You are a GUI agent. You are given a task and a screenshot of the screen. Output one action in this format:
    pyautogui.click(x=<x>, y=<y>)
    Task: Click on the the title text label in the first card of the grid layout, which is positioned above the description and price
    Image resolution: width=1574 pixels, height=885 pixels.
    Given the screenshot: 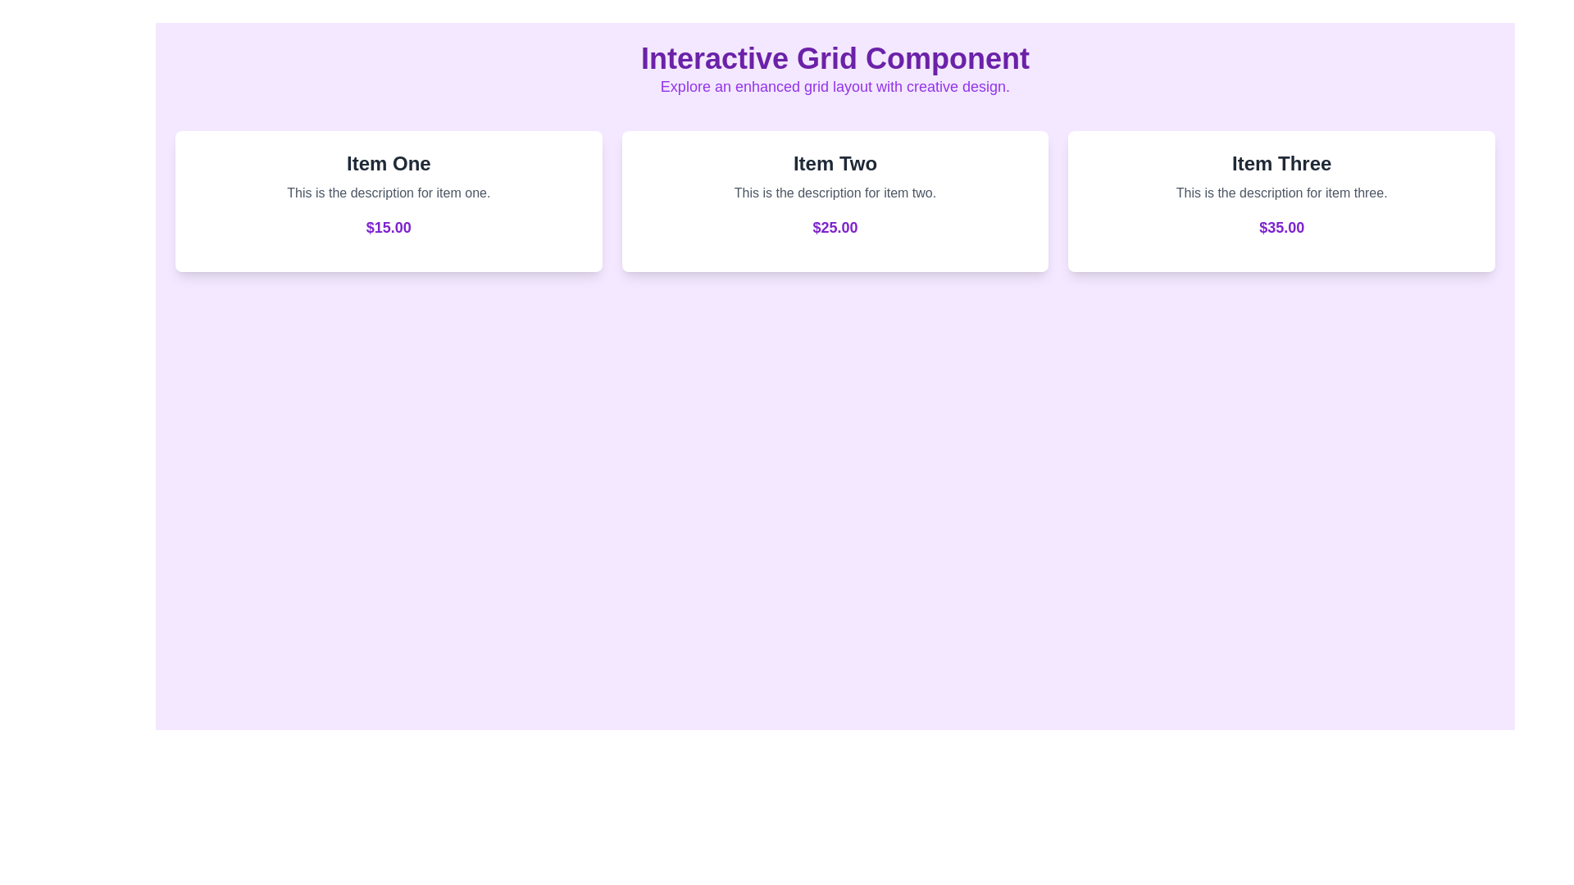 What is the action you would take?
    pyautogui.click(x=388, y=164)
    